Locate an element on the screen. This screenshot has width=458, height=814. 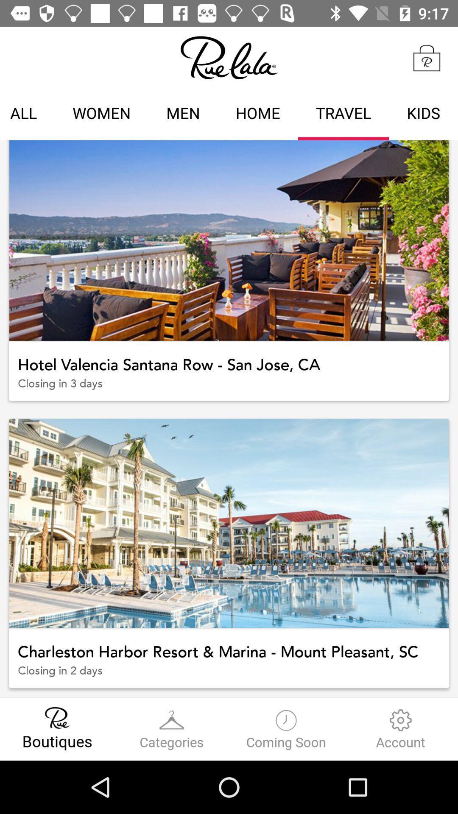
the icon next to home is located at coordinates (343, 114).